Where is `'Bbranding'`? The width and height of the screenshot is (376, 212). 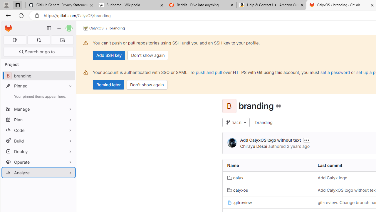 'Bbranding' is located at coordinates (38, 75).